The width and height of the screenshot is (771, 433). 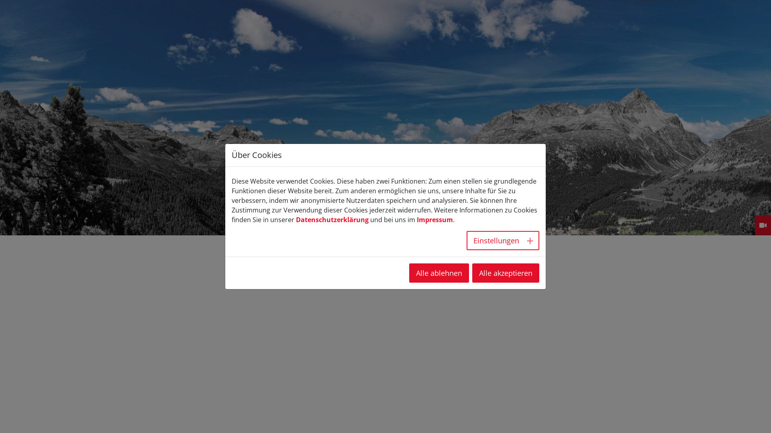 I want to click on 'Einstellungen', so click(x=502, y=240).